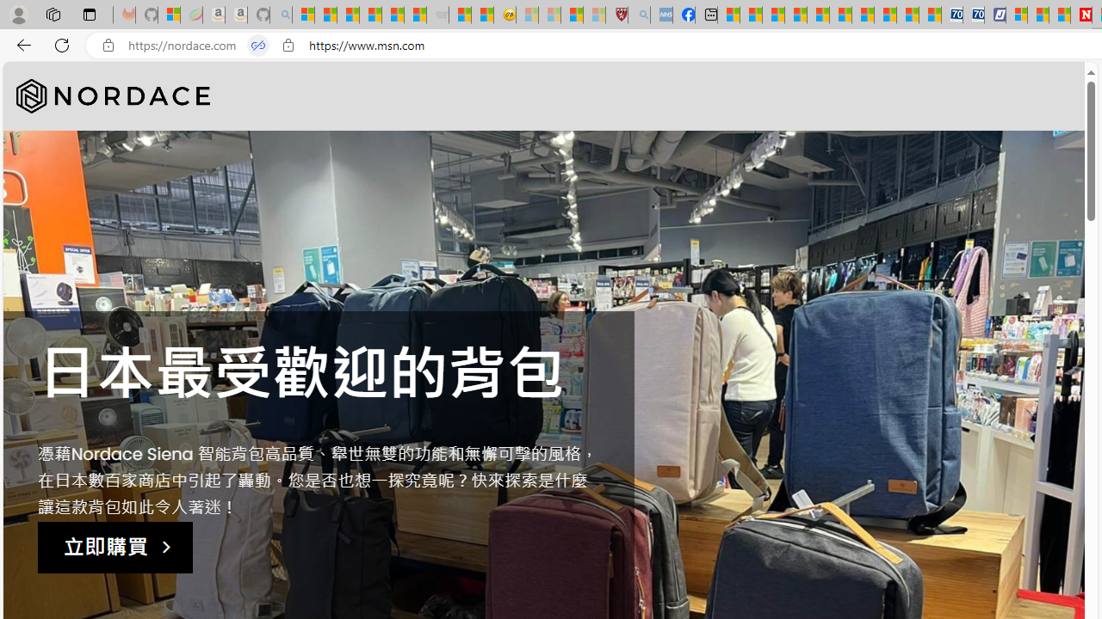 This screenshot has height=619, width=1102. Describe the element at coordinates (594, 15) in the screenshot. I see `'12 Popular Science Lies that Must be Corrected - Sleeping'` at that location.